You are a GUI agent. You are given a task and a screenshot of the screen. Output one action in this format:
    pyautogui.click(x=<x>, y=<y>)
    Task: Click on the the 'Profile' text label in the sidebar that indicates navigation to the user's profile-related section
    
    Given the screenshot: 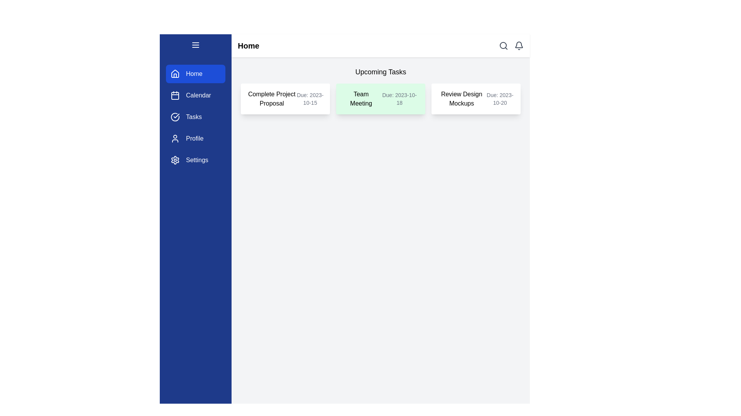 What is the action you would take?
    pyautogui.click(x=195, y=138)
    